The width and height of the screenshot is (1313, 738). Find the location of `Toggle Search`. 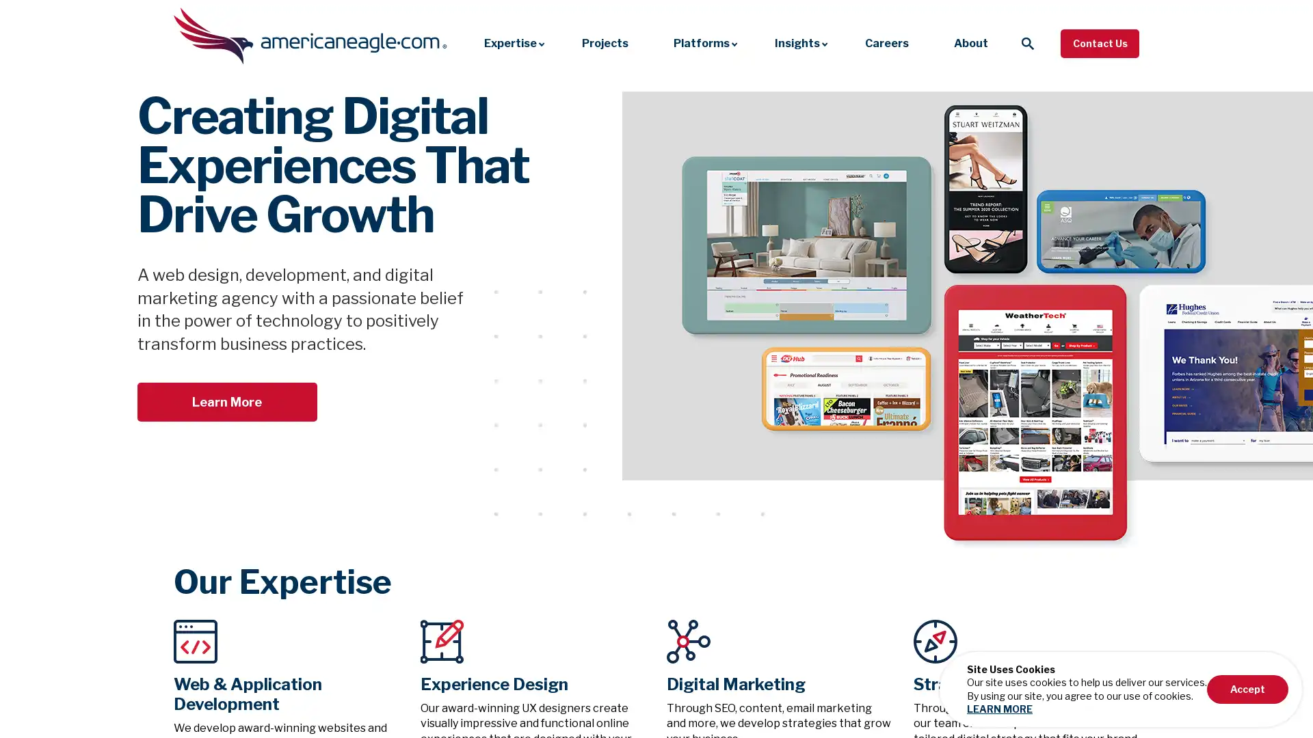

Toggle Search is located at coordinates (1027, 42).